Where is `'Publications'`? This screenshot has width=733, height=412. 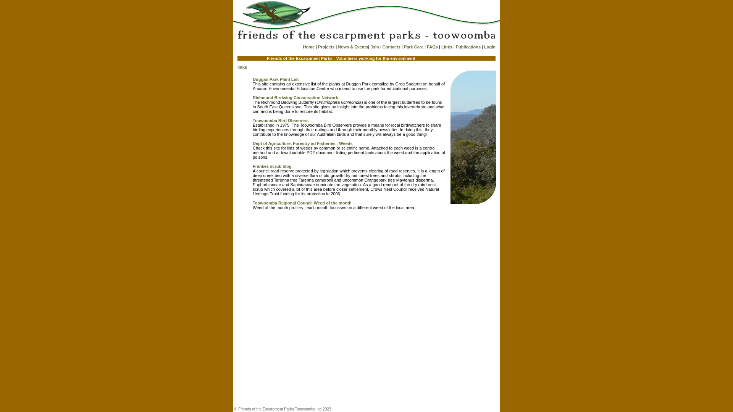 'Publications' is located at coordinates (468, 47).